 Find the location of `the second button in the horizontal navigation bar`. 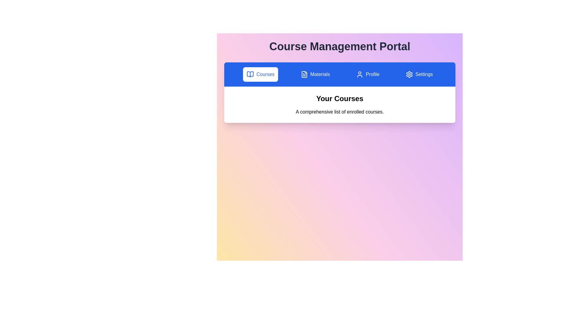

the second button in the horizontal navigation bar is located at coordinates (315, 74).